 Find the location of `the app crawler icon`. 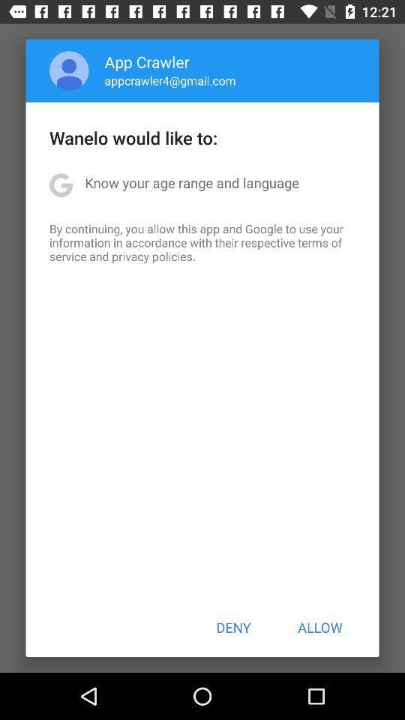

the app crawler icon is located at coordinates (147, 61).